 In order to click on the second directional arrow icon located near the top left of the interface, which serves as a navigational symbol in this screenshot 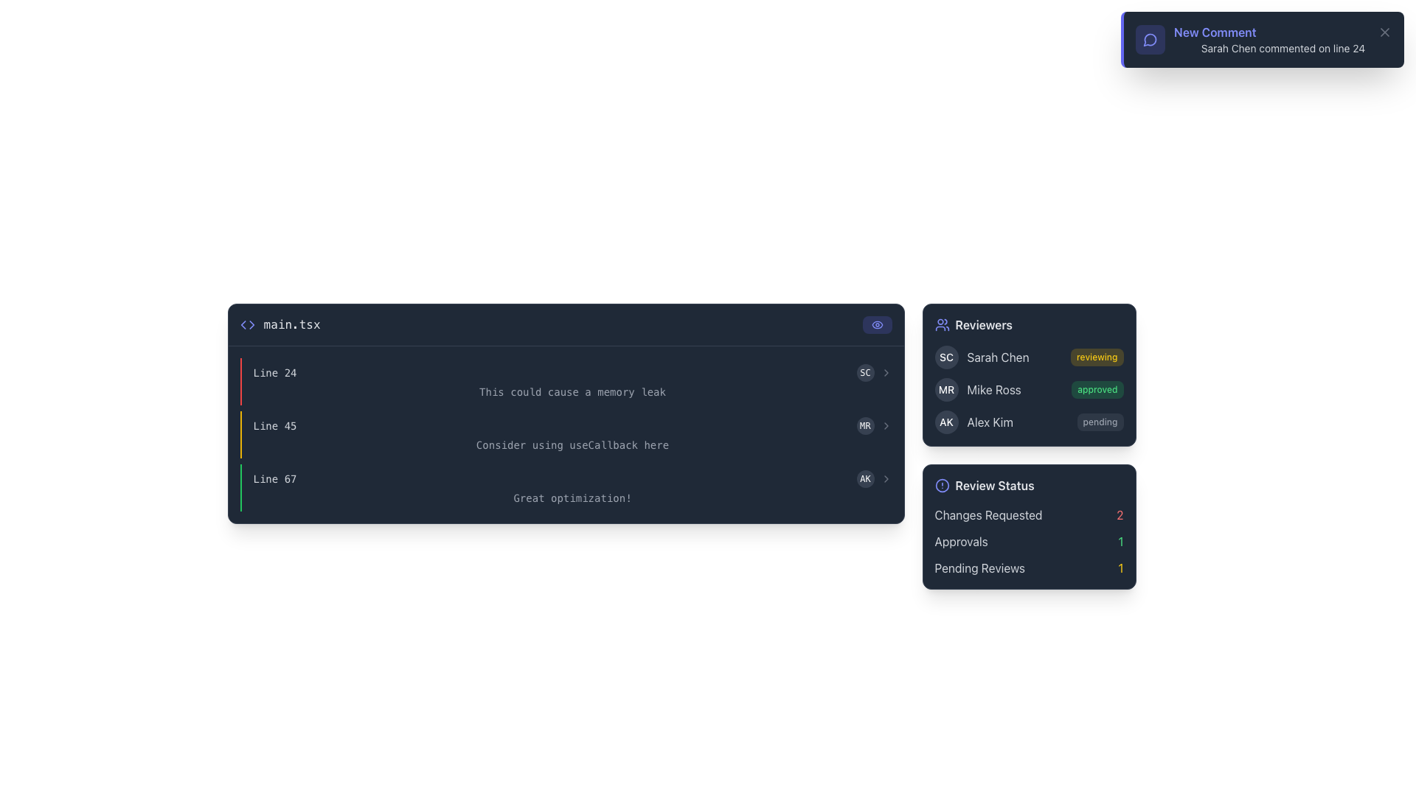, I will do `click(243, 324)`.